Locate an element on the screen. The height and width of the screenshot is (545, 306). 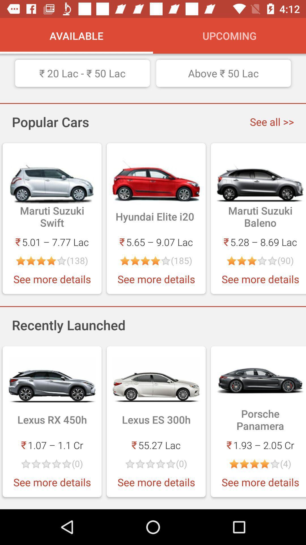
the icon next to popular cars is located at coordinates (272, 121).